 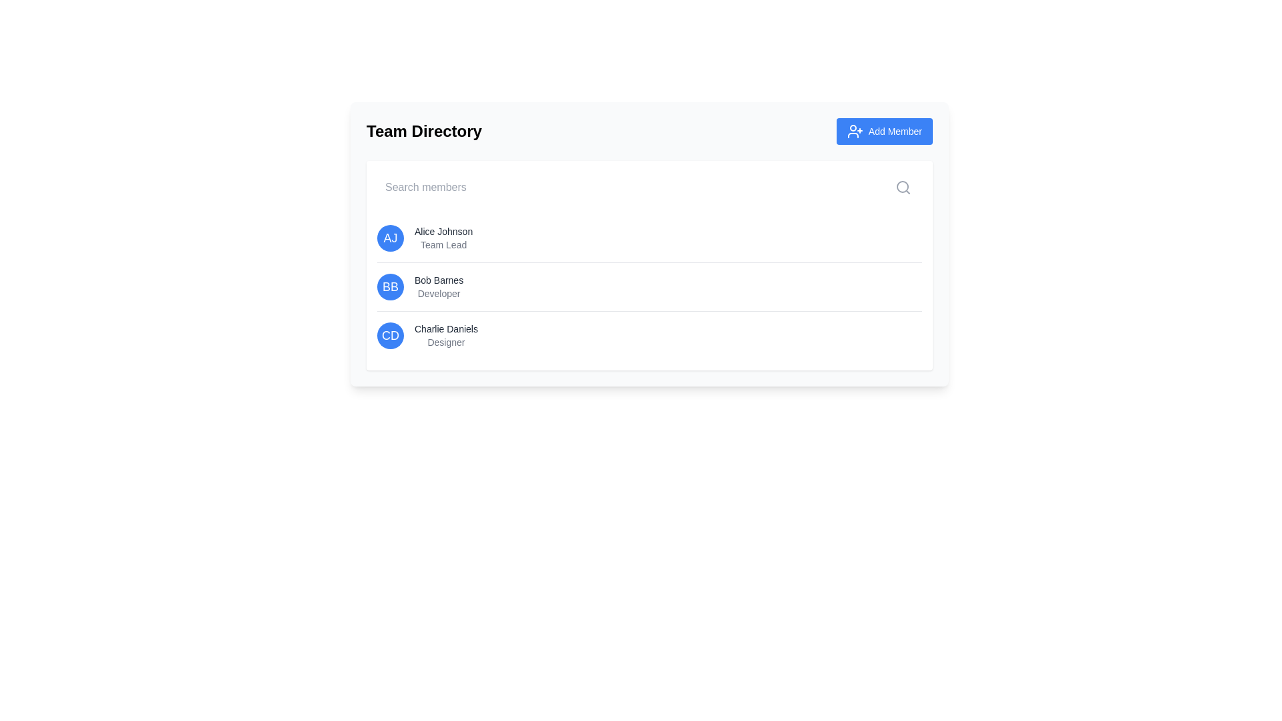 I want to click on the text label displaying 'Bob Barnes' in the Team Directory, which is styled in dark gray and represents a Developer, so click(x=439, y=280).